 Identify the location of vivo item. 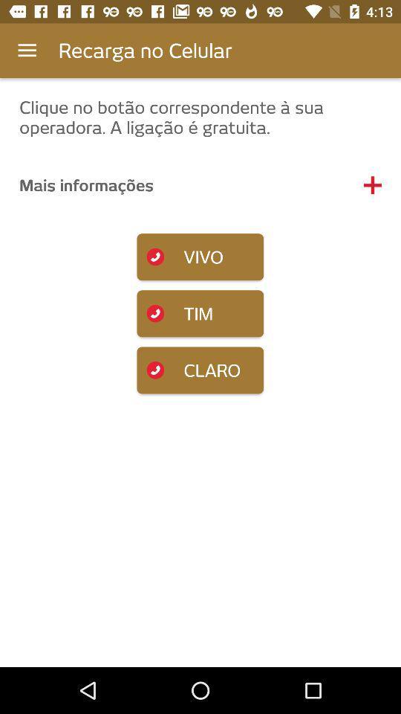
(200, 257).